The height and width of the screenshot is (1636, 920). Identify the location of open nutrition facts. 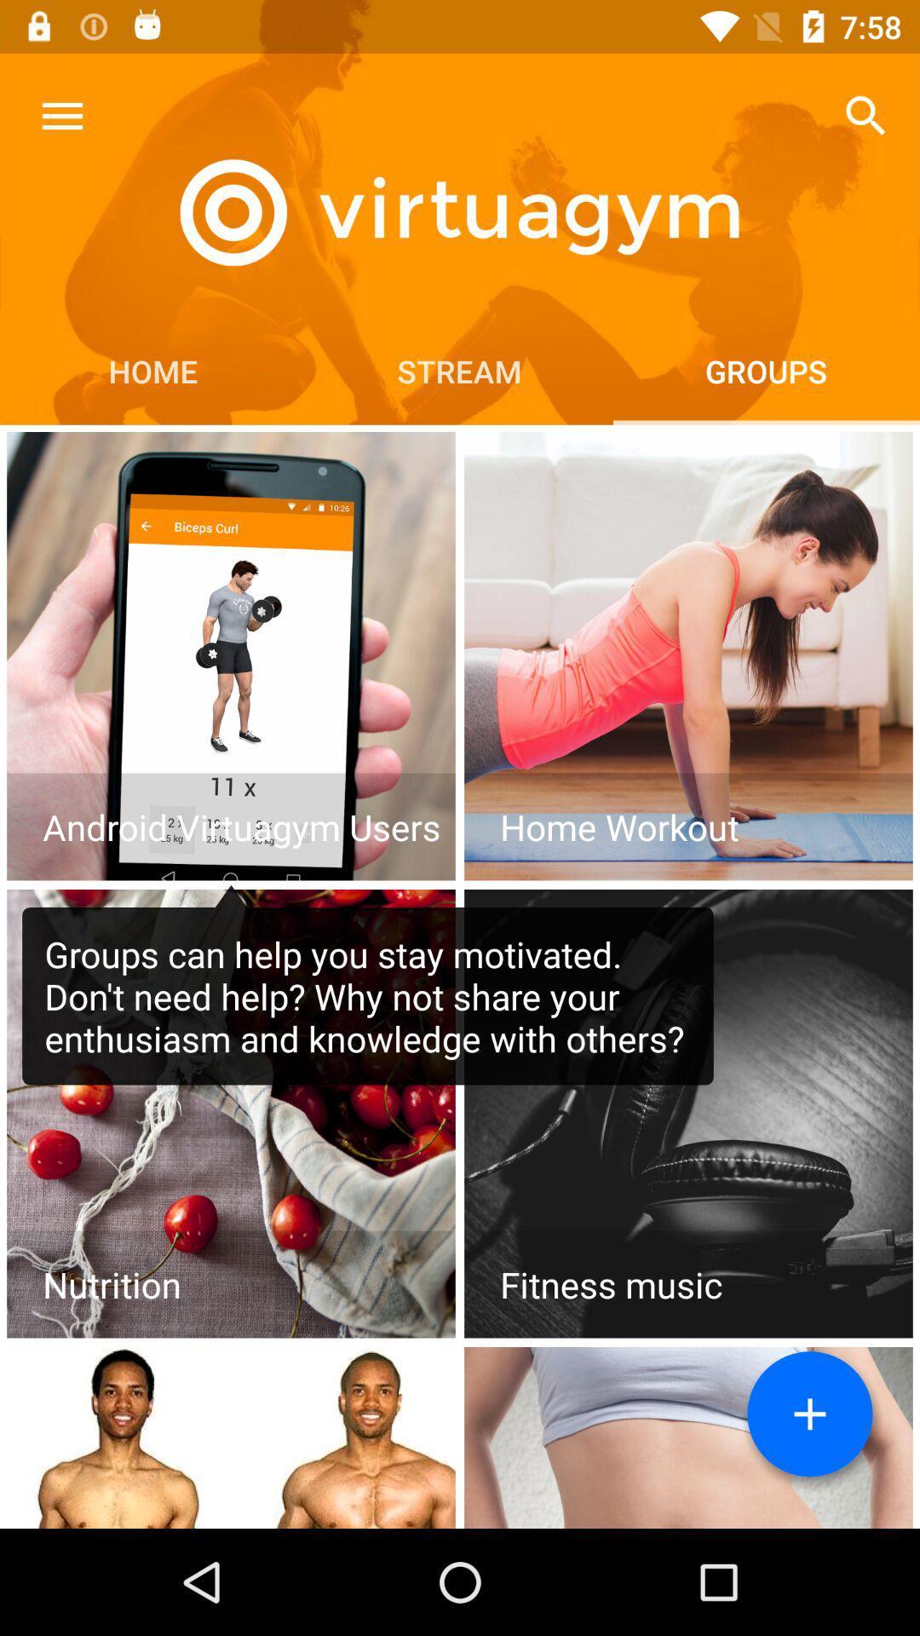
(231, 1114).